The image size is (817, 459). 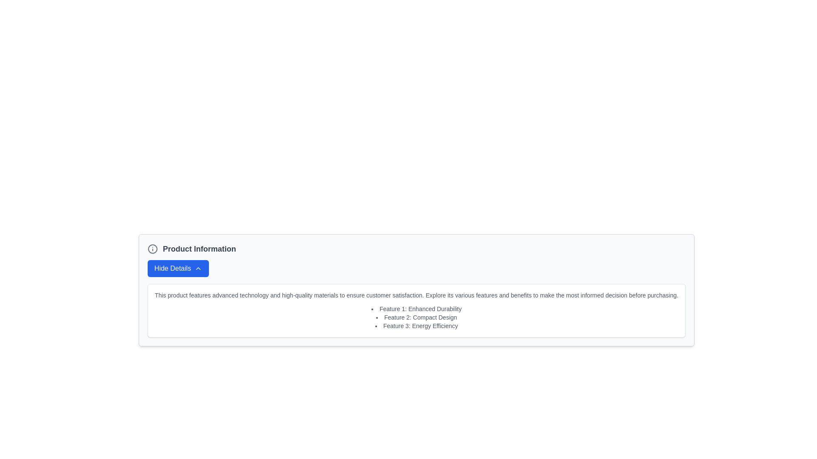 What do you see at coordinates (177, 269) in the screenshot?
I see `the button that toggles the visibility of the product details, located below the 'Product Information' heading, to observe the hover state change` at bounding box center [177, 269].